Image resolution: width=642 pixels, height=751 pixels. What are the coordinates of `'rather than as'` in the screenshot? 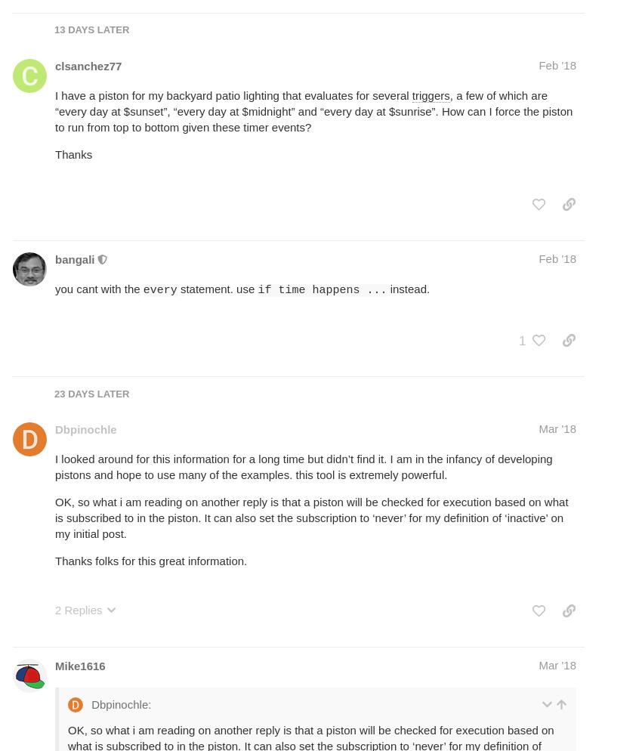 It's located at (310, 335).